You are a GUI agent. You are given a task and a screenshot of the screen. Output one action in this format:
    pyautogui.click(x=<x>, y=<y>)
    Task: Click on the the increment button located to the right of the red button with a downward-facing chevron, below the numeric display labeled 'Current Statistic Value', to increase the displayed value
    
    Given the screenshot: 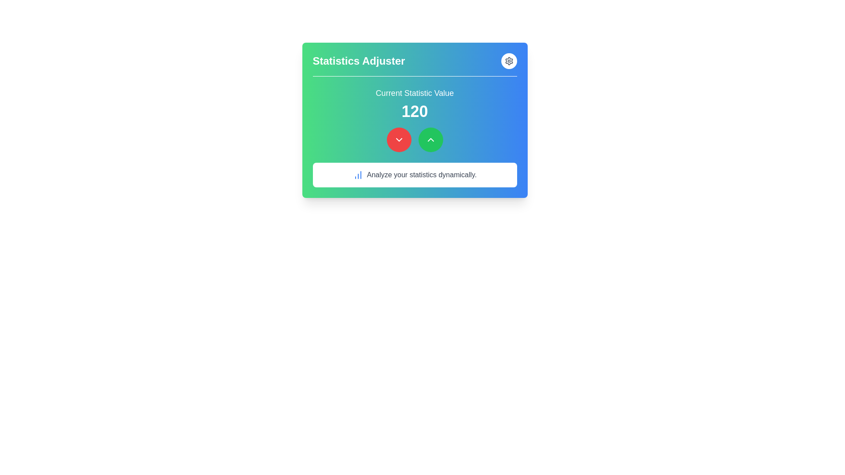 What is the action you would take?
    pyautogui.click(x=430, y=139)
    